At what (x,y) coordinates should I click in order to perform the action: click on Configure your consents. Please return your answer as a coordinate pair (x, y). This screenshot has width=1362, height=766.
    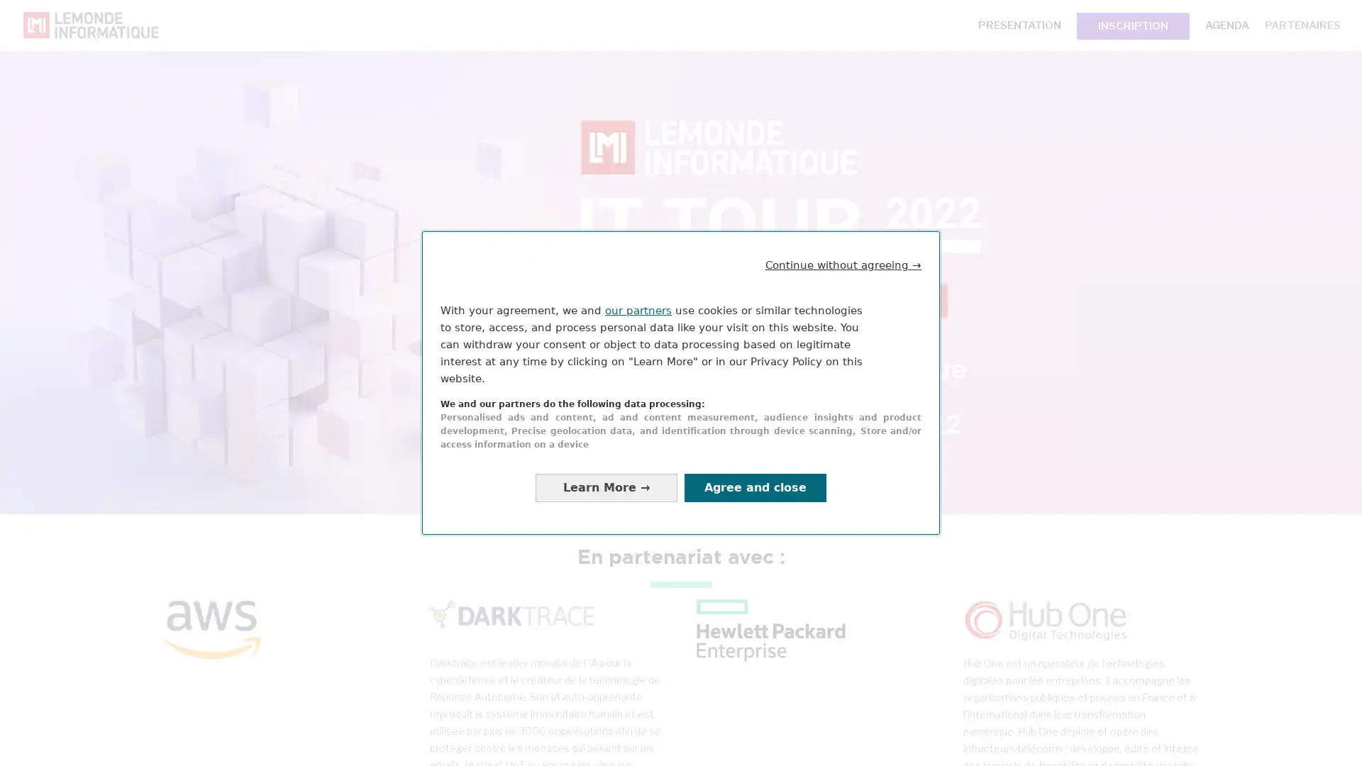
    Looking at the image, I should click on (606, 487).